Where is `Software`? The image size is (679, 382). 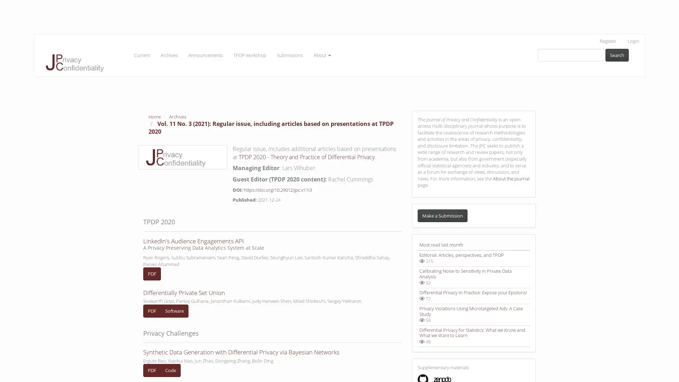 Software is located at coordinates (174, 311).